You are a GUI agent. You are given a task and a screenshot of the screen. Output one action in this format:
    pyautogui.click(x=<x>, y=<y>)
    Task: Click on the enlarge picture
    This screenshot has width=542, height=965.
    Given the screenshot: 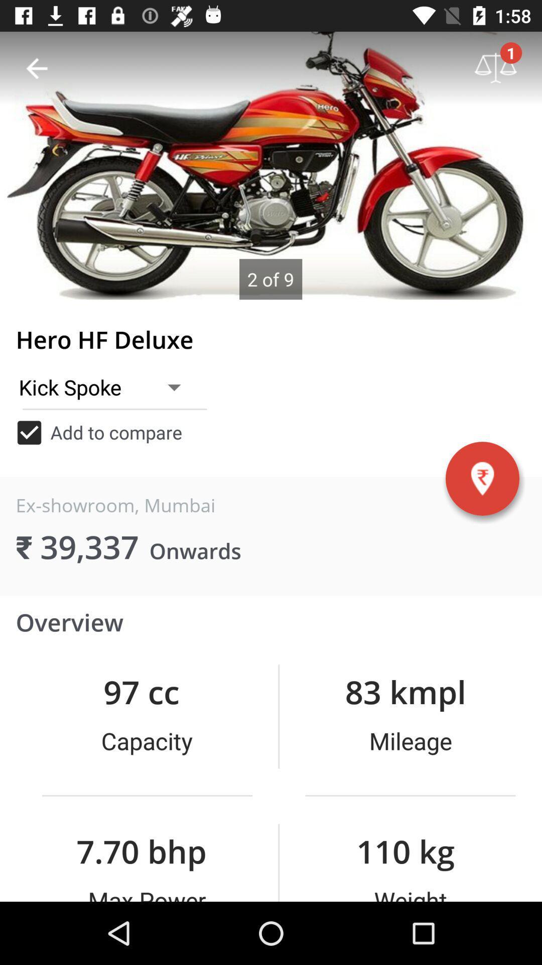 What is the action you would take?
    pyautogui.click(x=271, y=165)
    